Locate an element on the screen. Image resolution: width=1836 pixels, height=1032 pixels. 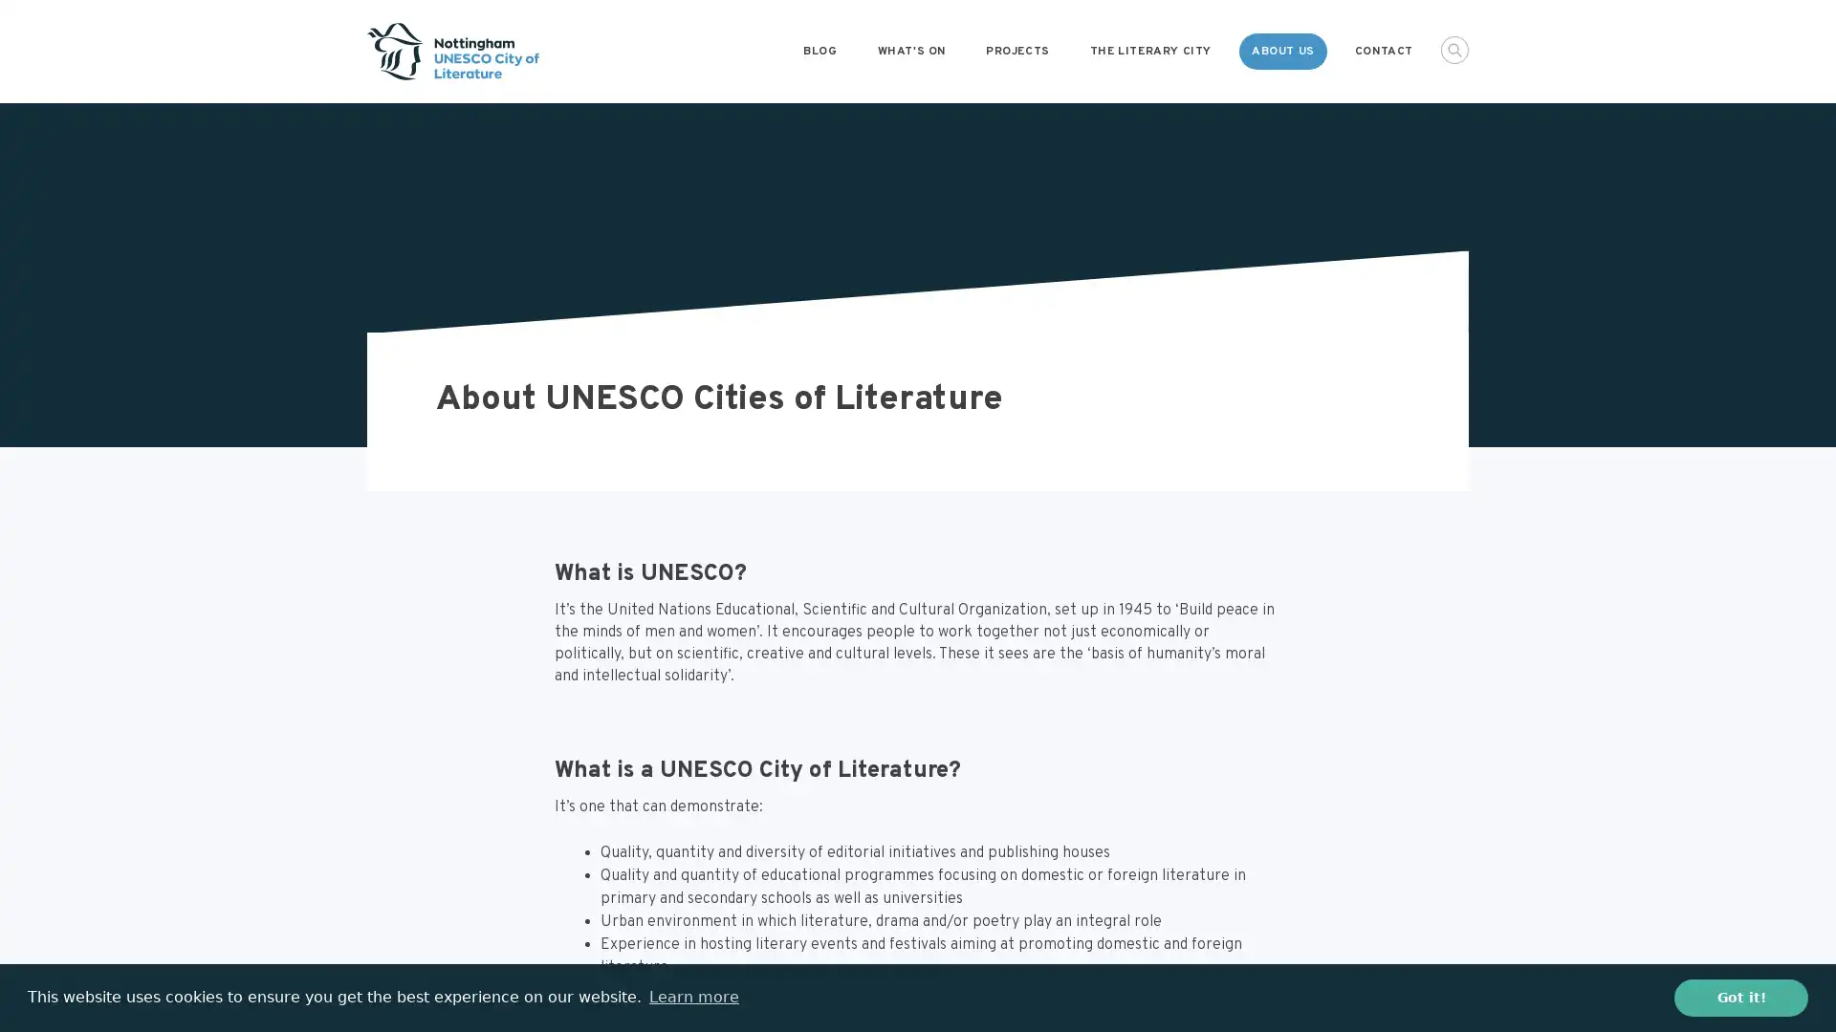
dismiss cookie message is located at coordinates (1740, 997).